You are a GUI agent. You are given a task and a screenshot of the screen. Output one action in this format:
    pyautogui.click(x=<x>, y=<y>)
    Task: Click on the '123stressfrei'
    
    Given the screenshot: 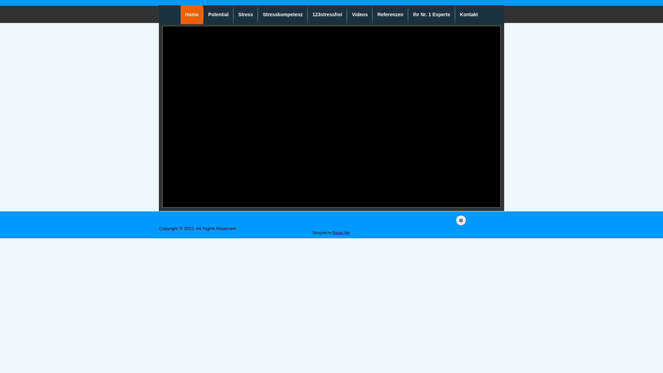 What is the action you would take?
    pyautogui.click(x=308, y=15)
    